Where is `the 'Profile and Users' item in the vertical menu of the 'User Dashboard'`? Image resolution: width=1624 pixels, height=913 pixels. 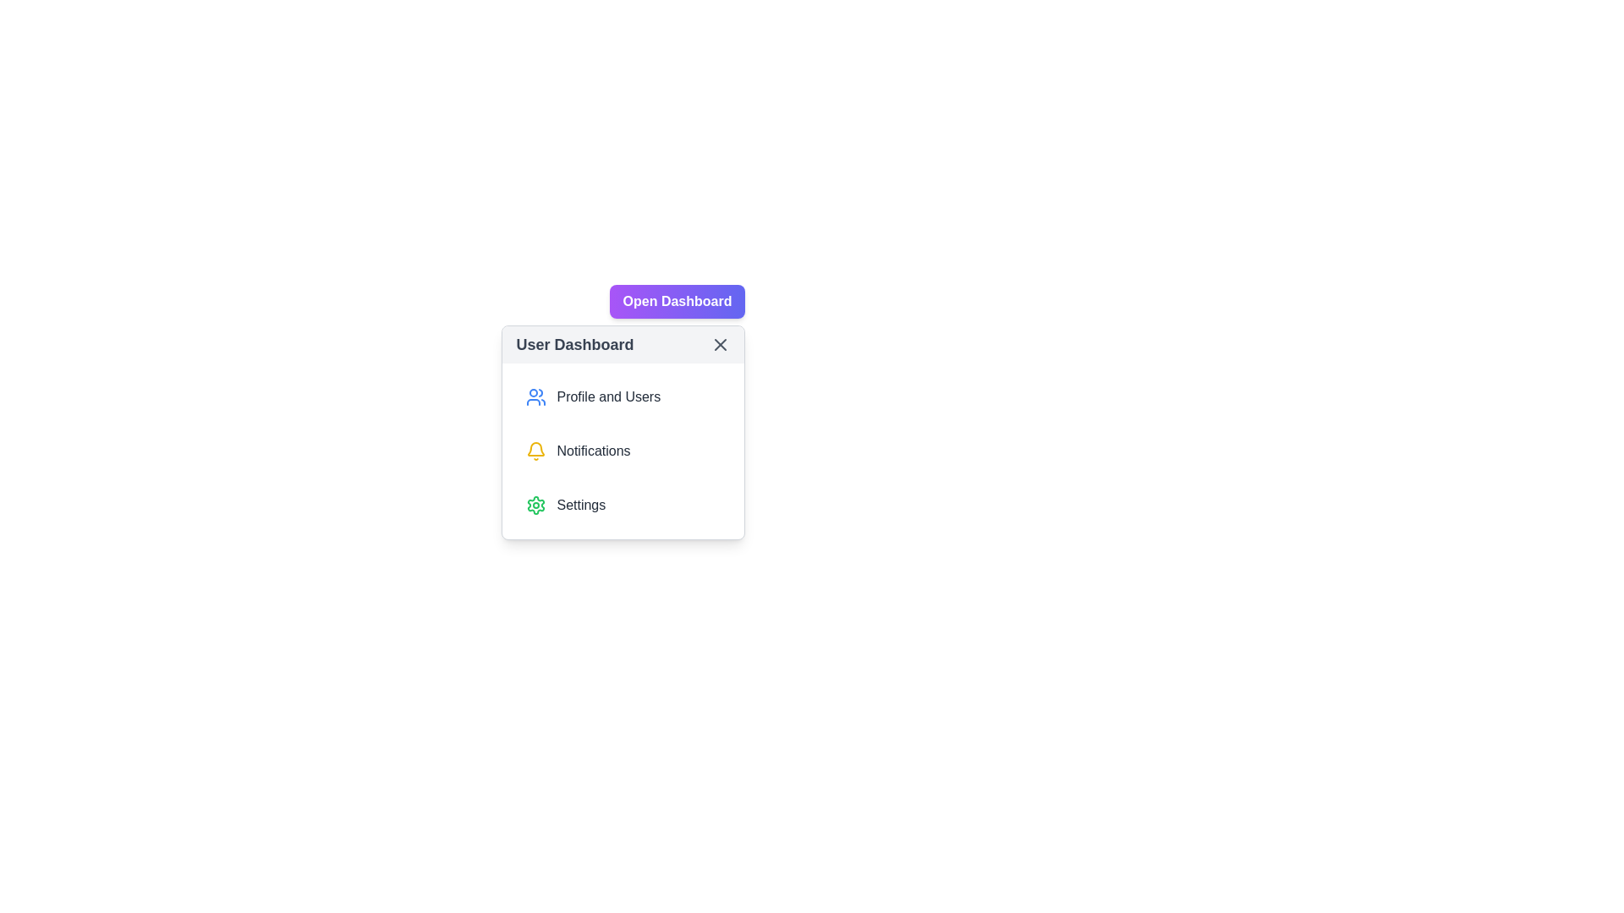
the 'Profile and Users' item in the vertical menu of the 'User Dashboard' is located at coordinates (623, 450).